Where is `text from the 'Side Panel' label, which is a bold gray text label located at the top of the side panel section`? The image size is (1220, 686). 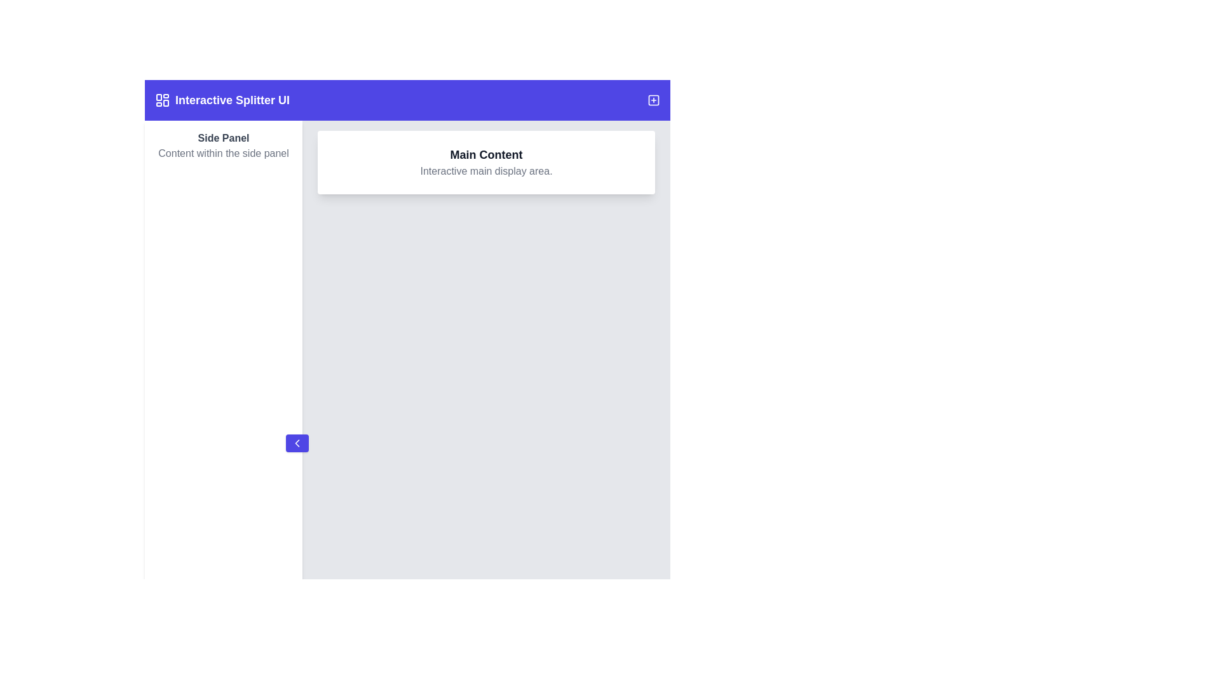 text from the 'Side Panel' label, which is a bold gray text label located at the top of the side panel section is located at coordinates (224, 138).